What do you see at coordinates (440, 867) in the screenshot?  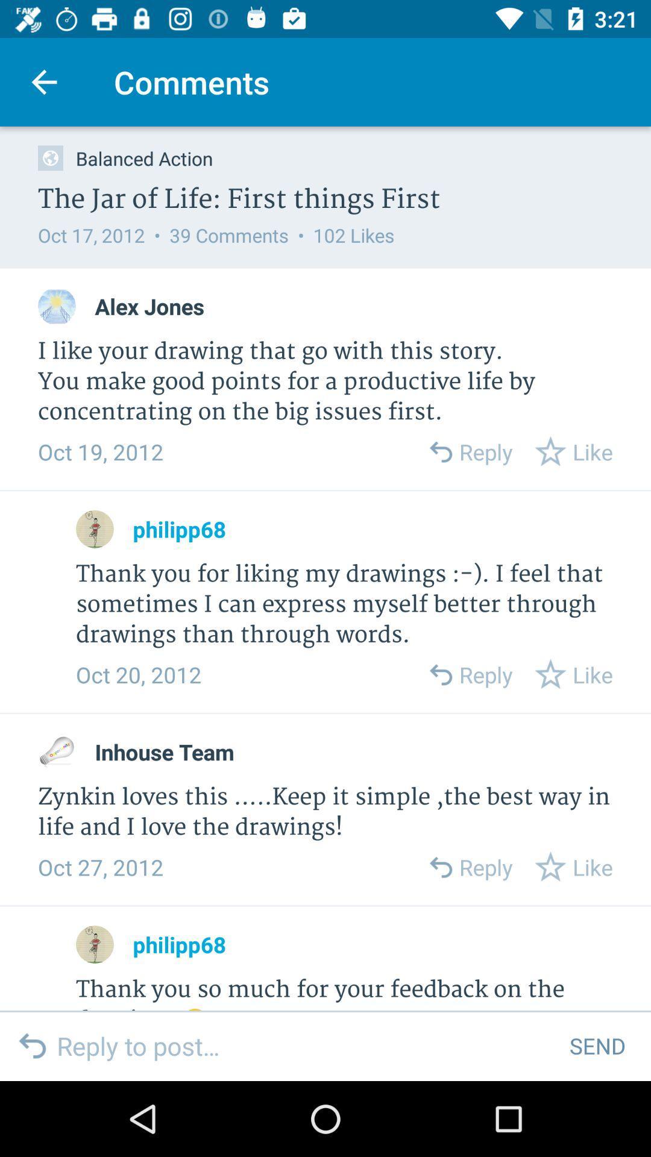 I see `reply option` at bounding box center [440, 867].